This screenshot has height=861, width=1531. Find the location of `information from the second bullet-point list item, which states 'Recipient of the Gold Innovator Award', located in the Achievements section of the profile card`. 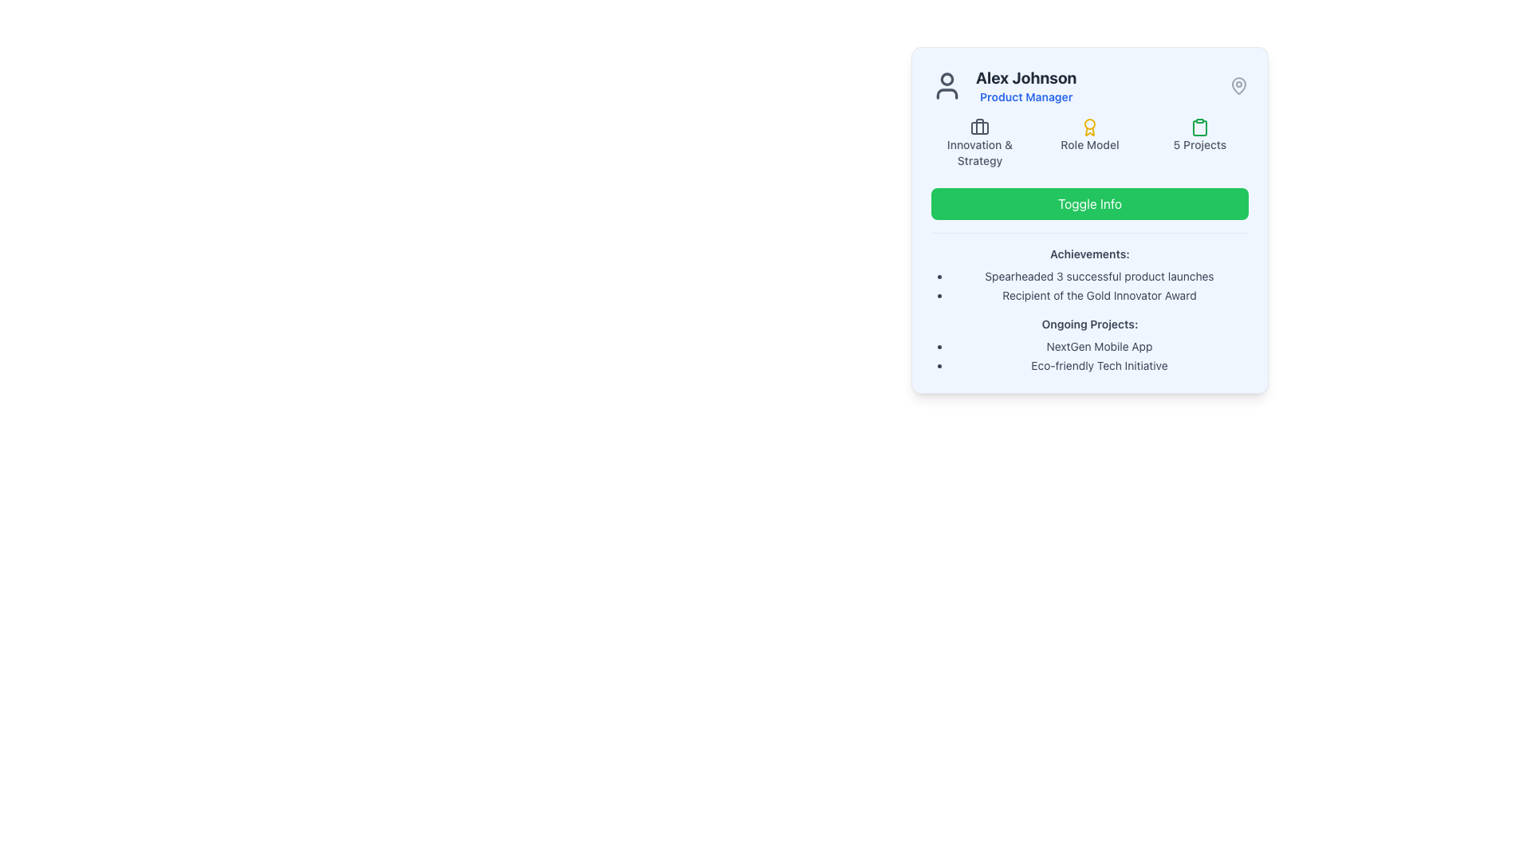

information from the second bullet-point list item, which states 'Recipient of the Gold Innovator Award', located in the Achievements section of the profile card is located at coordinates (1089, 285).